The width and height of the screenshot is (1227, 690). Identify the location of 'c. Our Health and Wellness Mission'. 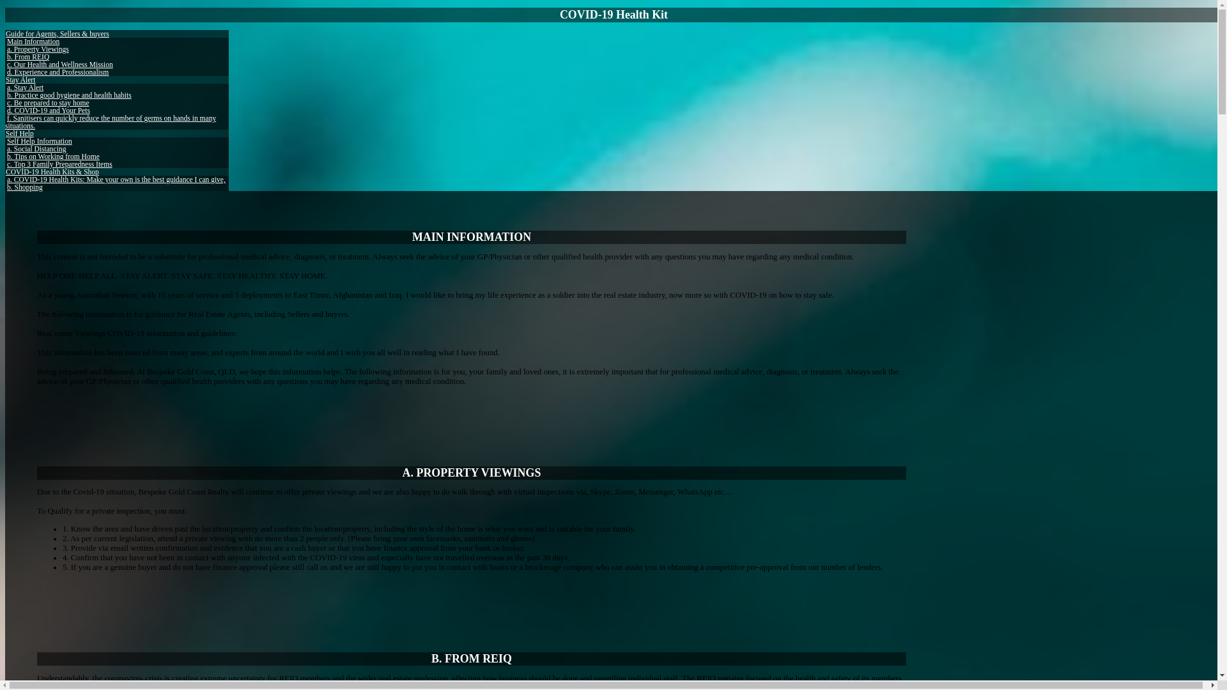
(6, 64).